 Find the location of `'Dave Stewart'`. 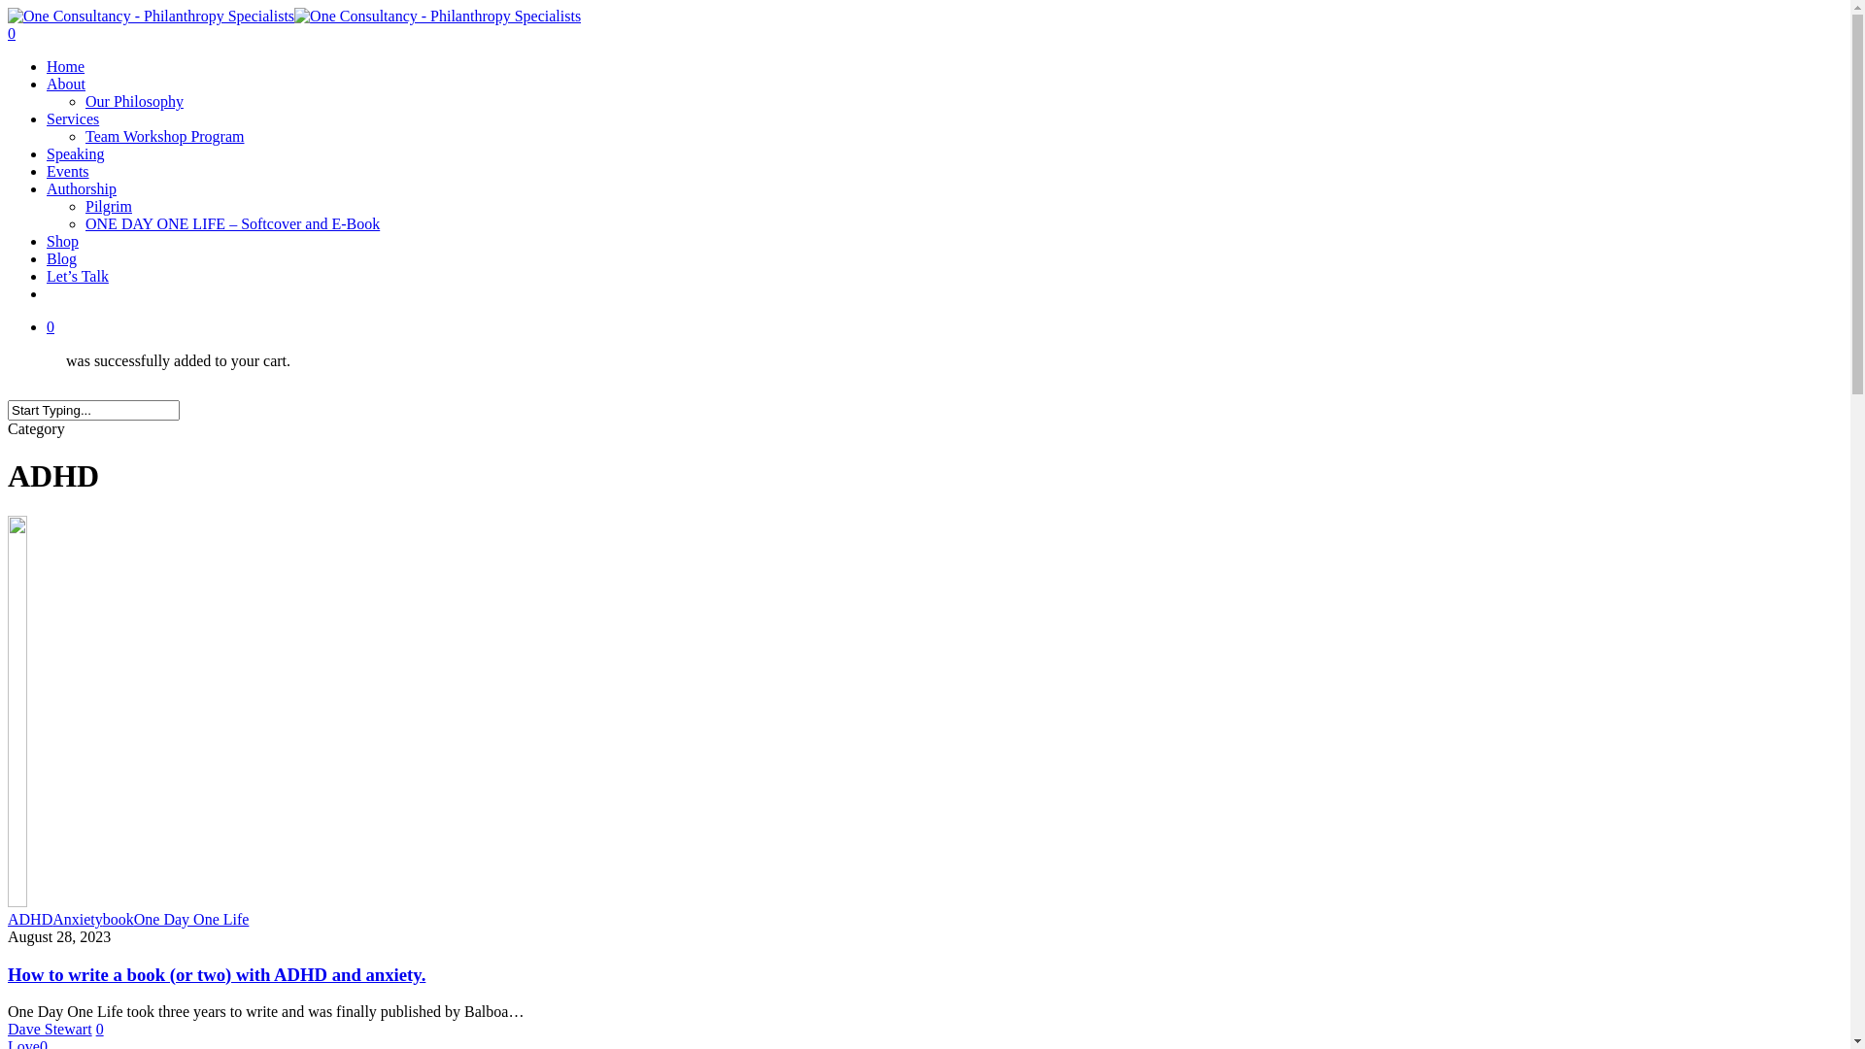

'Dave Stewart' is located at coordinates (50, 1028).